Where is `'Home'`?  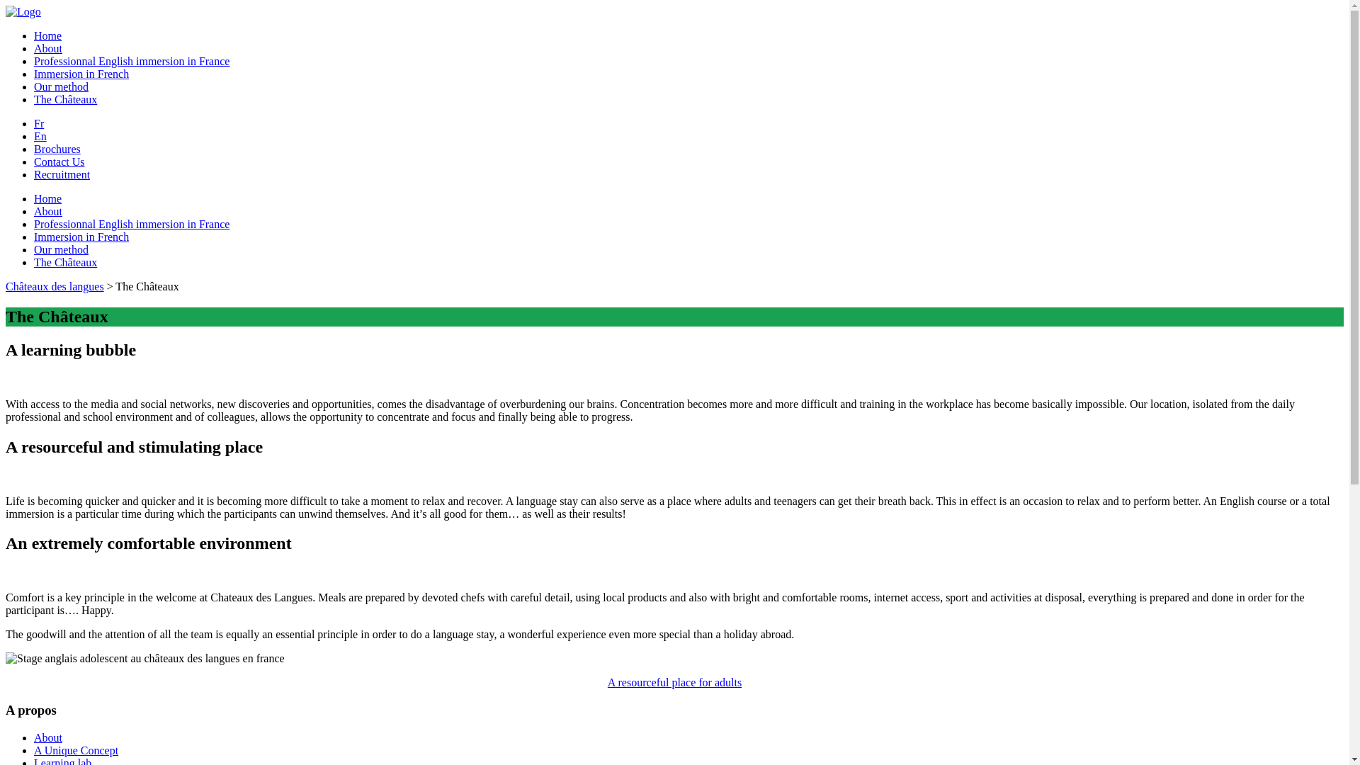
'Home' is located at coordinates (47, 35).